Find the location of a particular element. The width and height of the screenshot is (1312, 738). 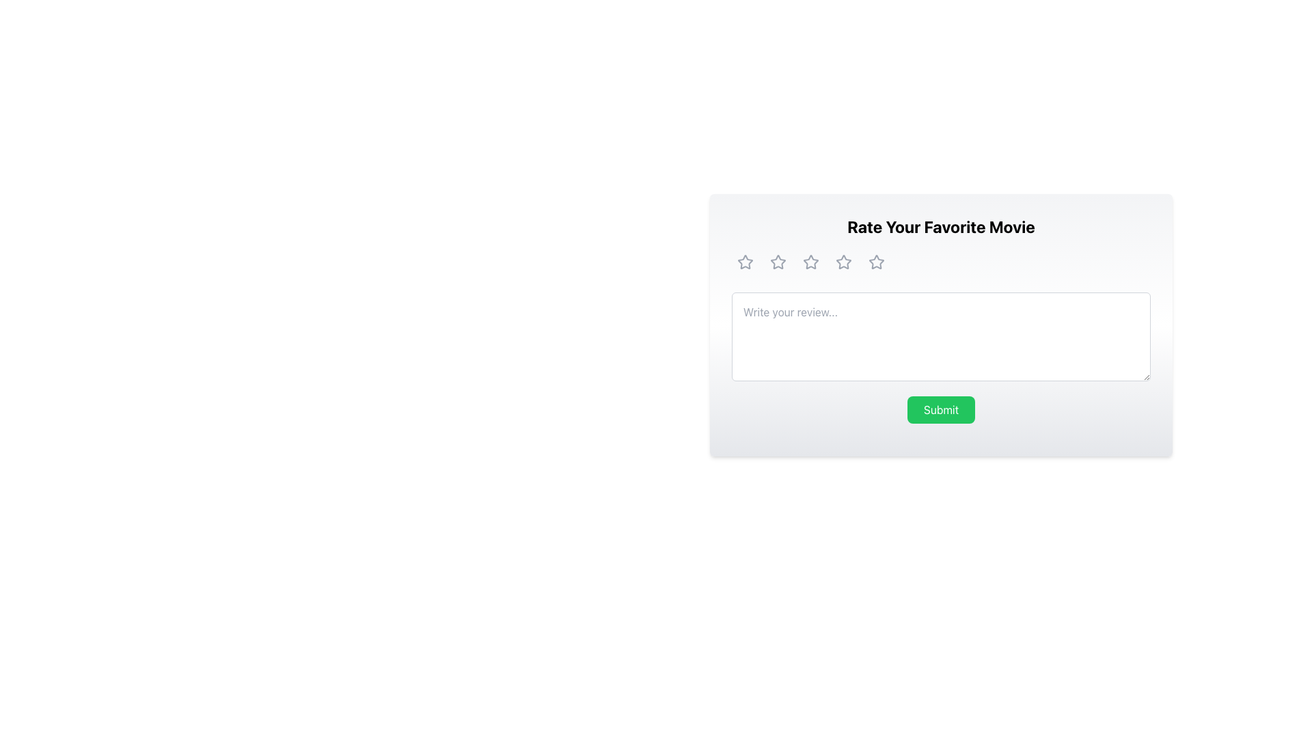

the first star icon in the rating interface is located at coordinates (744, 262).